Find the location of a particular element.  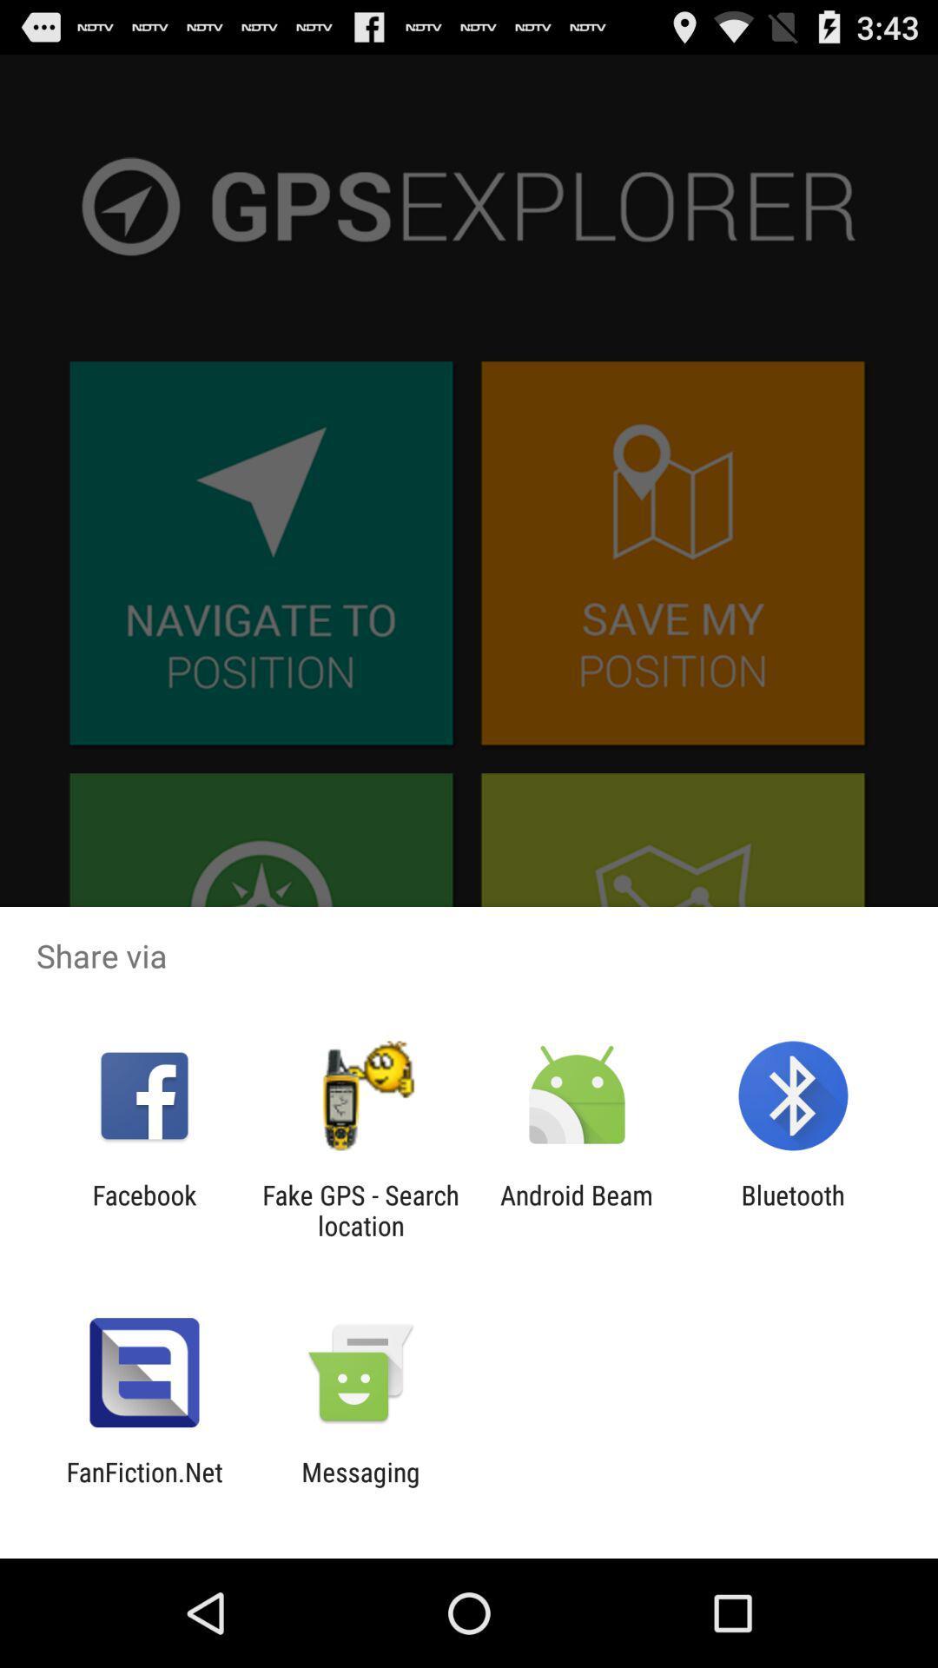

app to the left of fake gps search is located at coordinates (143, 1209).